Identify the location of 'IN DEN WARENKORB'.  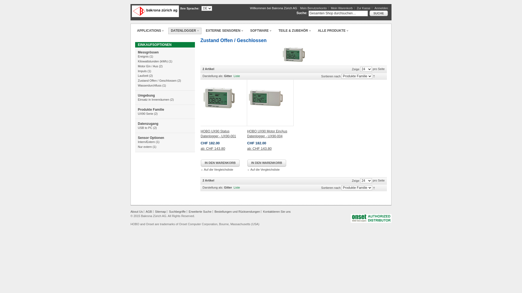
(200, 163).